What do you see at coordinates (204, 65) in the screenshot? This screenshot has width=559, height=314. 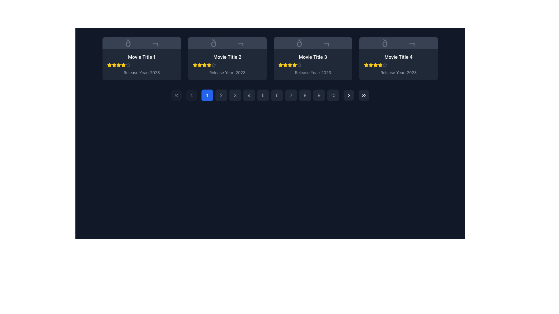 I see `the fifth star icon in the rating section of the card titled 'Movie Title 2', which is the second card in the horizontal row of movie cards` at bounding box center [204, 65].